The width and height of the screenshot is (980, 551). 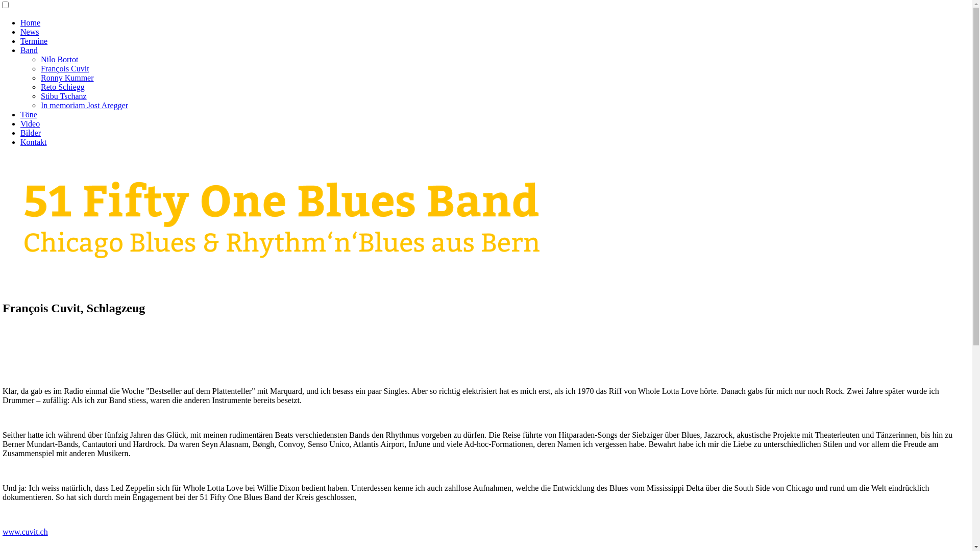 I want to click on 'Termine', so click(x=34, y=40).